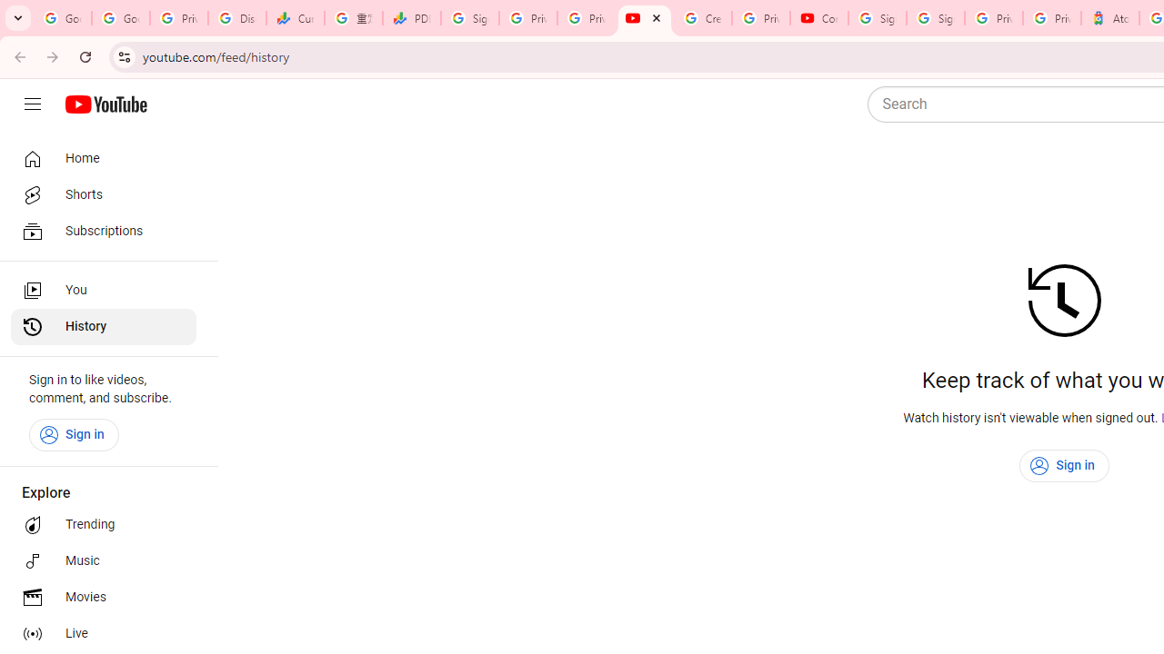  Describe the element at coordinates (702, 18) in the screenshot. I see `'Create your Google Account'` at that location.